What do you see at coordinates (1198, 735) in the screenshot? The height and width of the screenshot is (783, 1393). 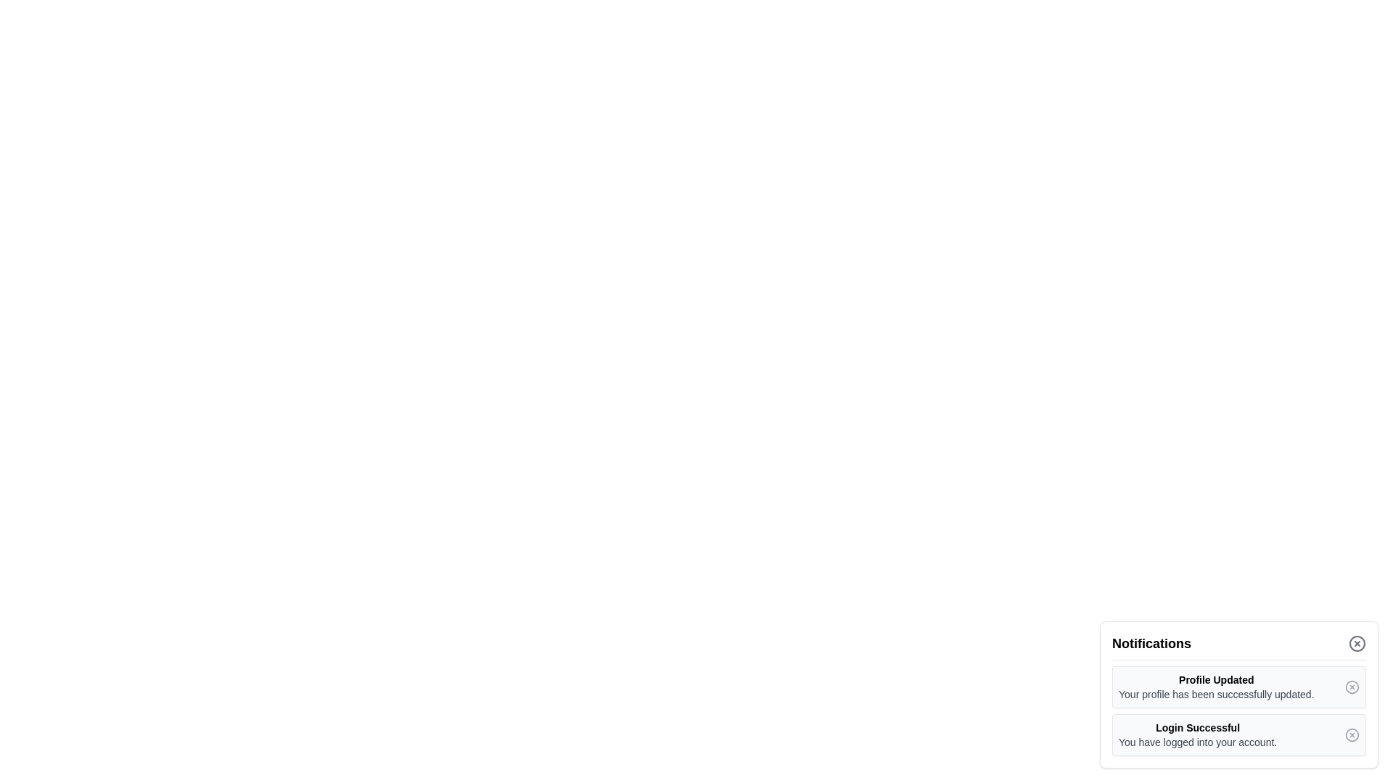 I see `text content of the notification message indicating successful login, which is the second notification in the notification panel` at bounding box center [1198, 735].